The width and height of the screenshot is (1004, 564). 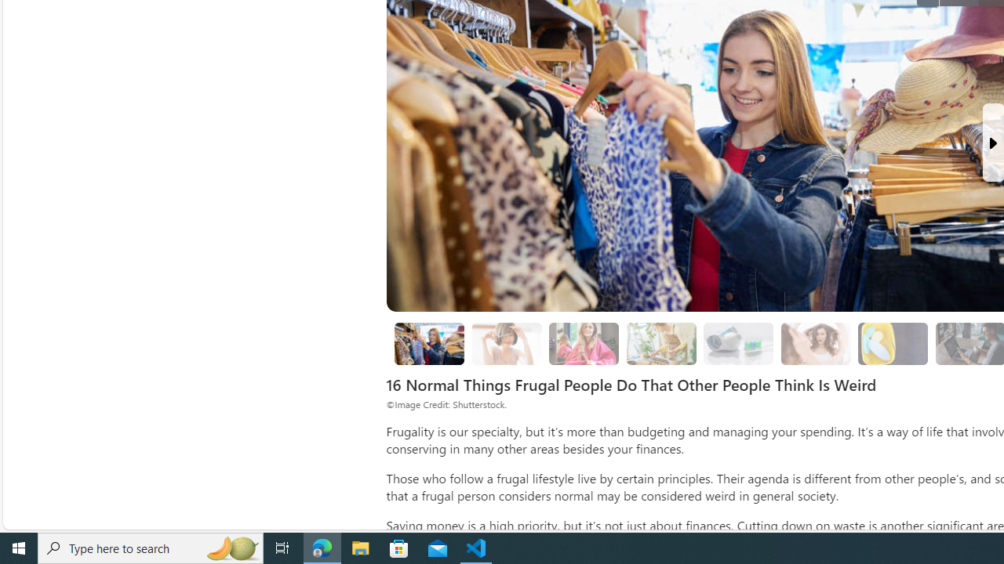 I want to click on '8. Thrift Shopping', so click(x=429, y=342).